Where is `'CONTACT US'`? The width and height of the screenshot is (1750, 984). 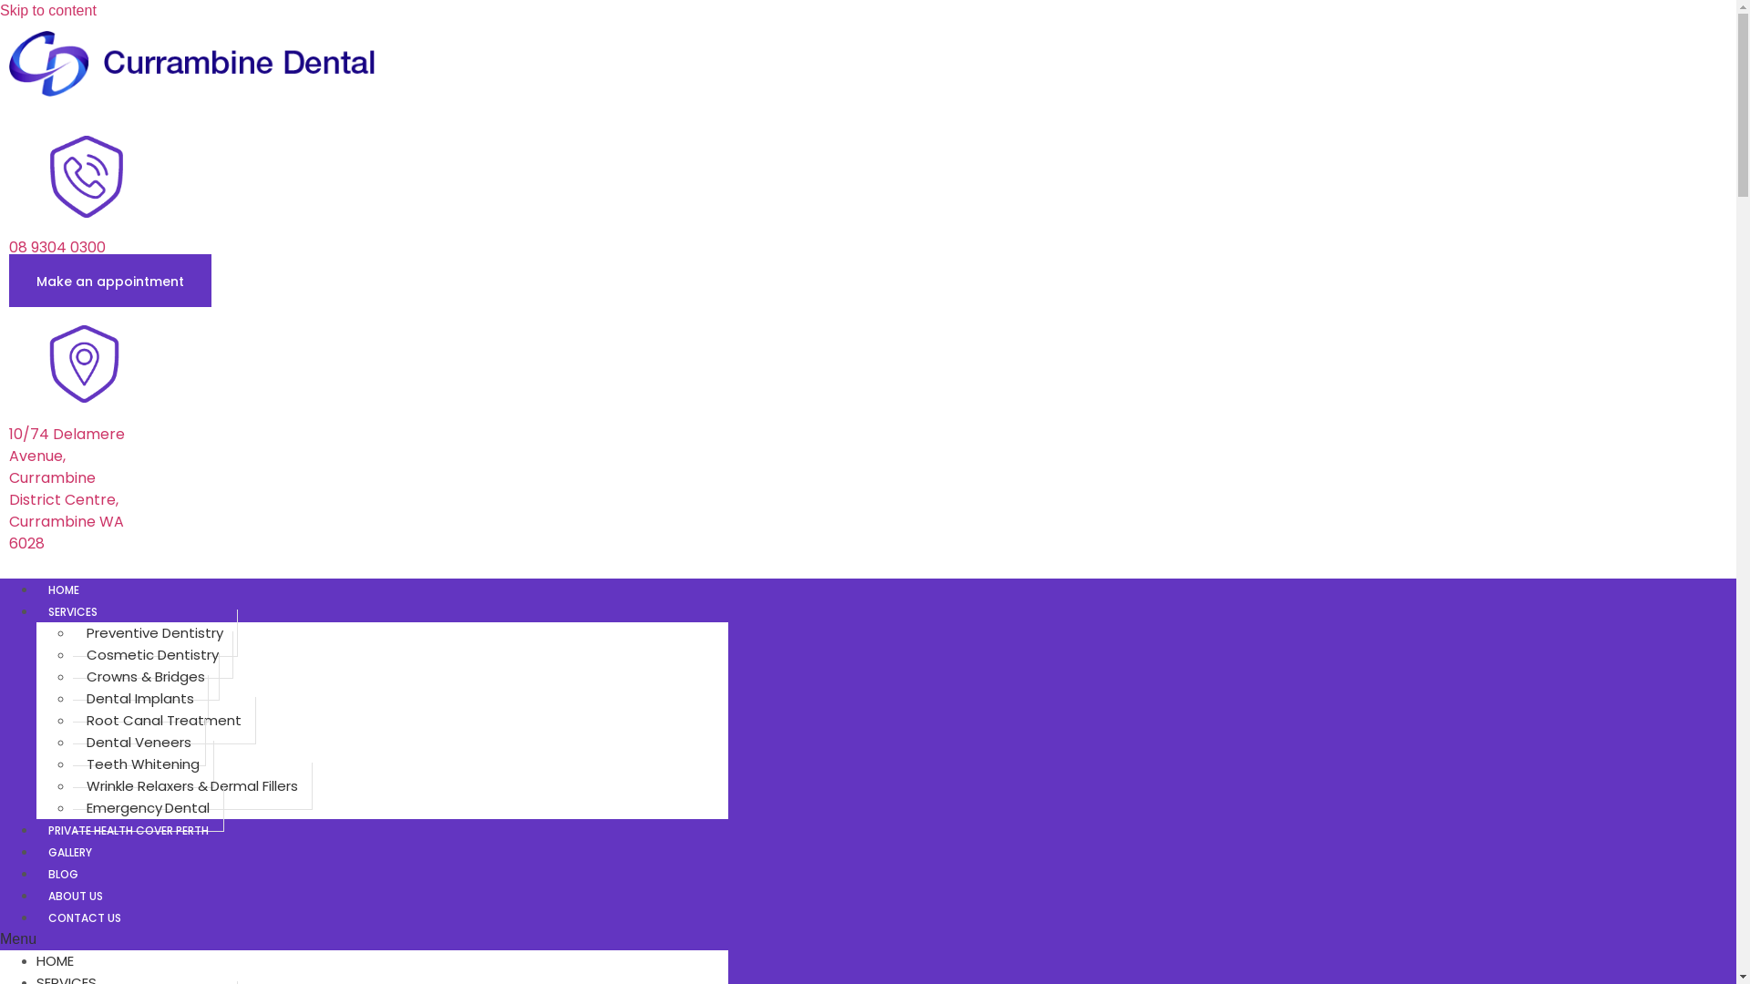
'CONTACT US' is located at coordinates (84, 916).